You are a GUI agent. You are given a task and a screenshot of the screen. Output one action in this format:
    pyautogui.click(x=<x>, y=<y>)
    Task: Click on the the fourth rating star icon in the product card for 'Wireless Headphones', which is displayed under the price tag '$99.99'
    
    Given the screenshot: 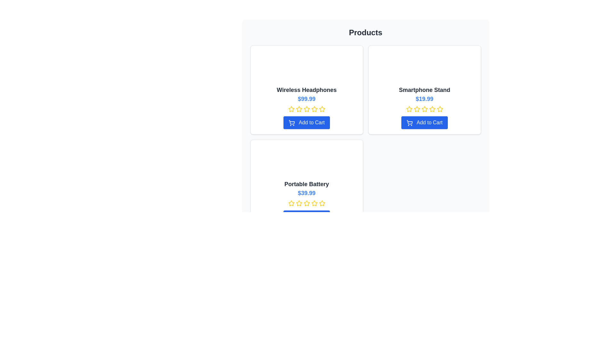 What is the action you would take?
    pyautogui.click(x=306, y=109)
    